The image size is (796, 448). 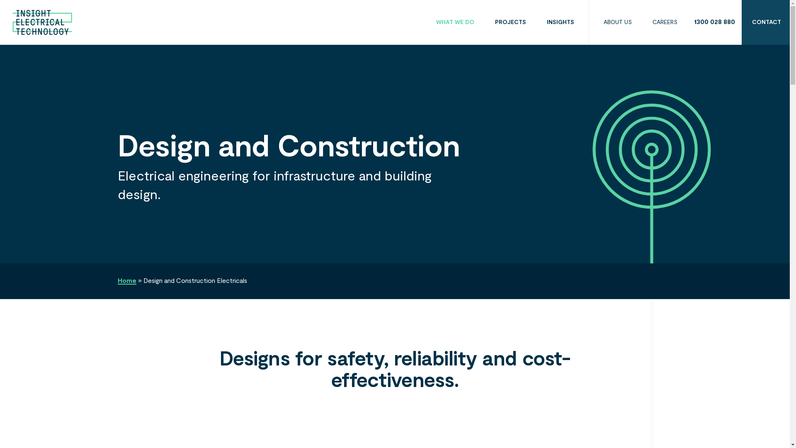 I want to click on '1300 028 880', so click(x=715, y=22).